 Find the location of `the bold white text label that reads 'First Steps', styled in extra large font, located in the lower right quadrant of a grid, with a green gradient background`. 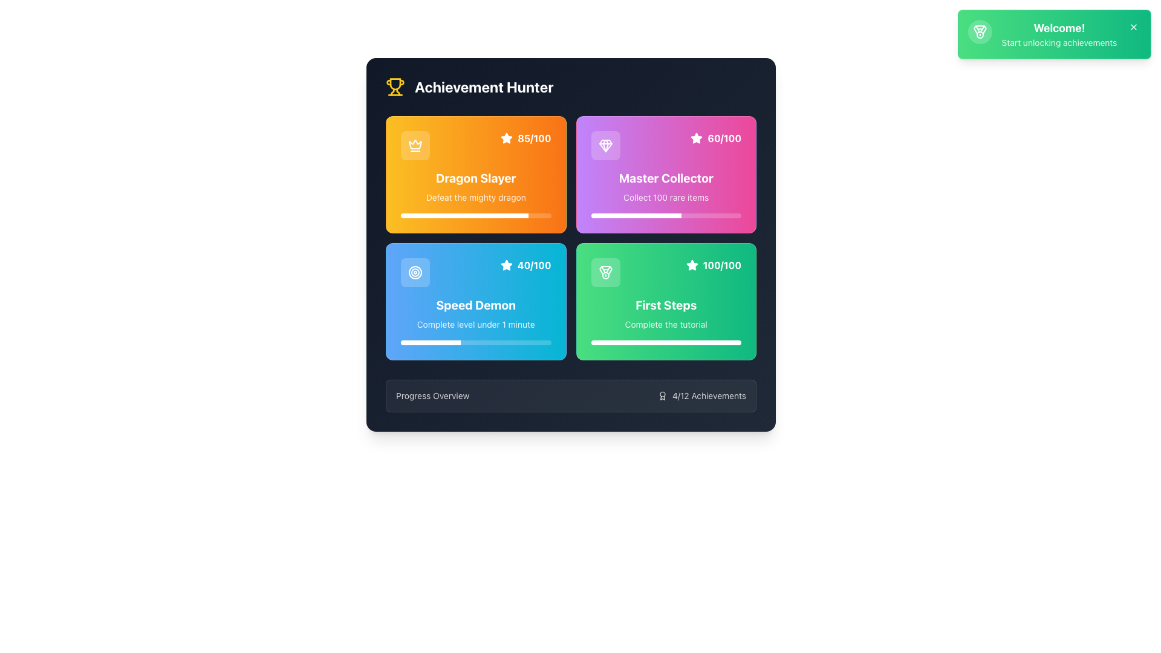

the bold white text label that reads 'First Steps', styled in extra large font, located in the lower right quadrant of a grid, with a green gradient background is located at coordinates (665, 305).